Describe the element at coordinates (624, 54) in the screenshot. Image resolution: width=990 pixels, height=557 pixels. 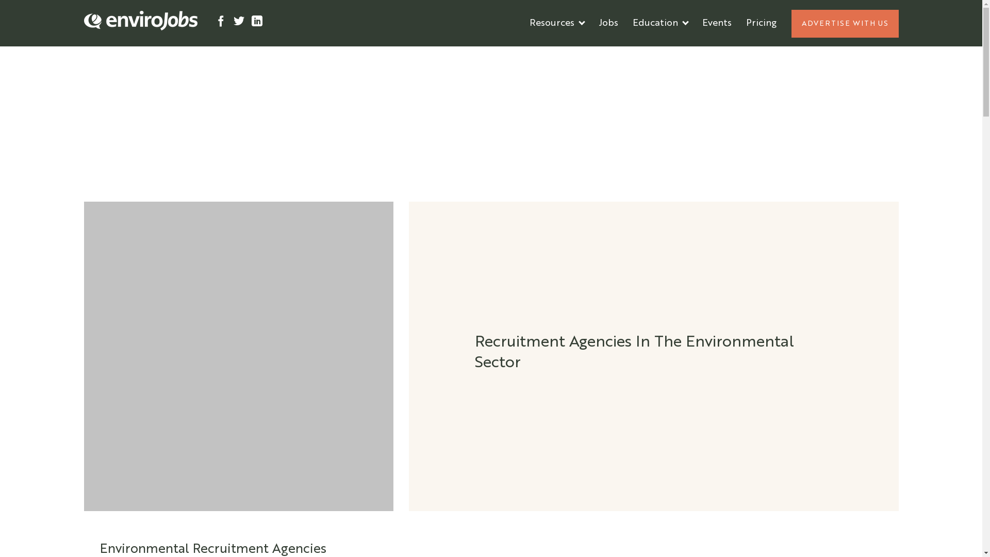
I see `'Universities'` at that location.